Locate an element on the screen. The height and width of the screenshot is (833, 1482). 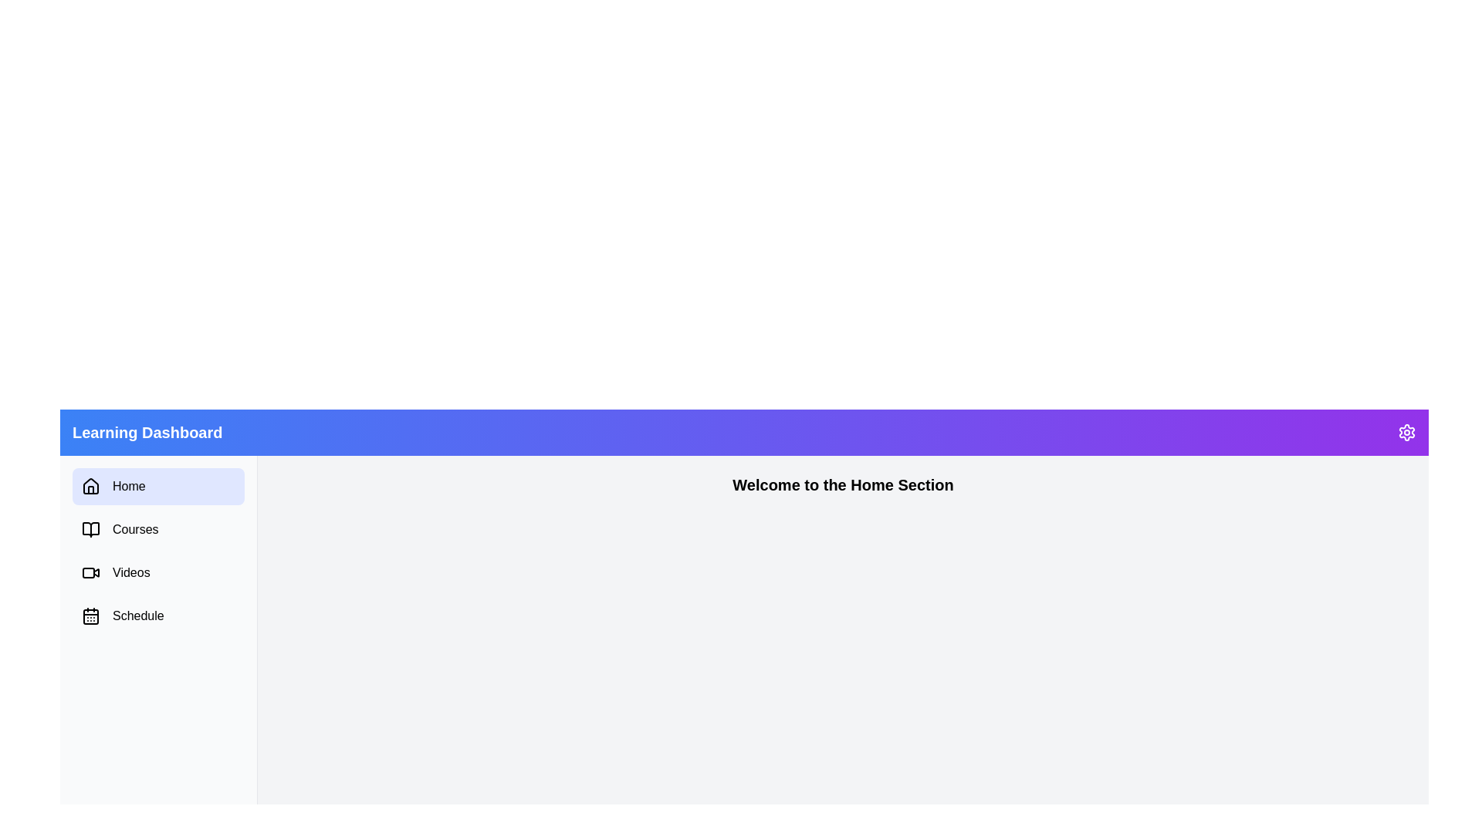
the small black video recorder icon located in the vertical navigation menu labeled 'Videos', positioned below 'Courses' and above 'Schedule' is located at coordinates (90, 573).